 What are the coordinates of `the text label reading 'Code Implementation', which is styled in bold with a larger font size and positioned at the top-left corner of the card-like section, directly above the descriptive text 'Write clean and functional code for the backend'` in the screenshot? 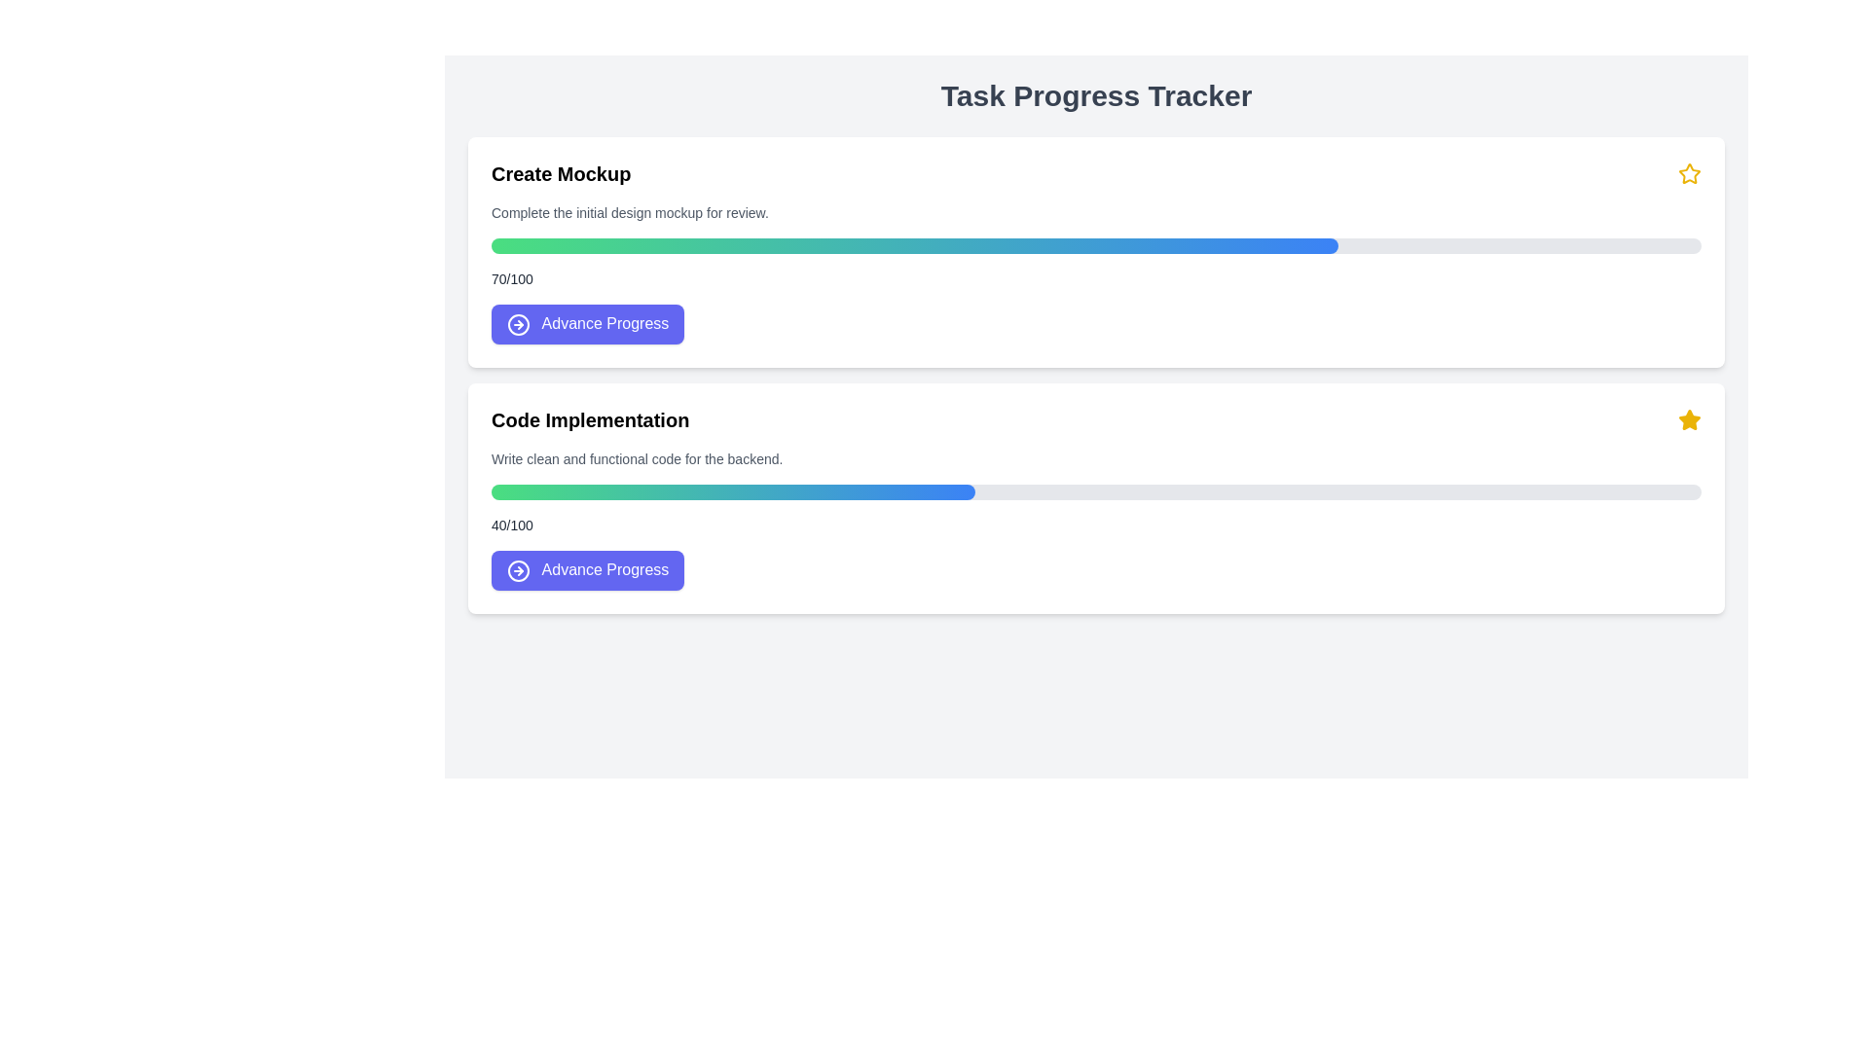 It's located at (589, 418).